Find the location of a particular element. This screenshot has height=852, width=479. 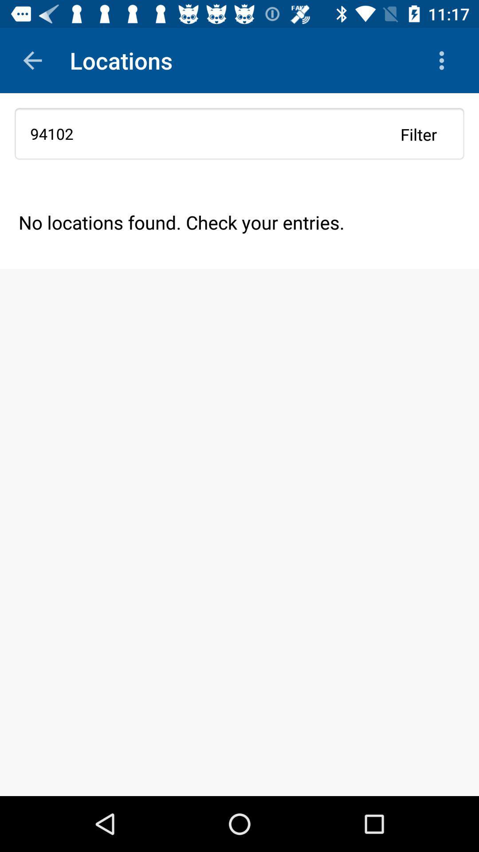

the 94102 is located at coordinates (239, 133).